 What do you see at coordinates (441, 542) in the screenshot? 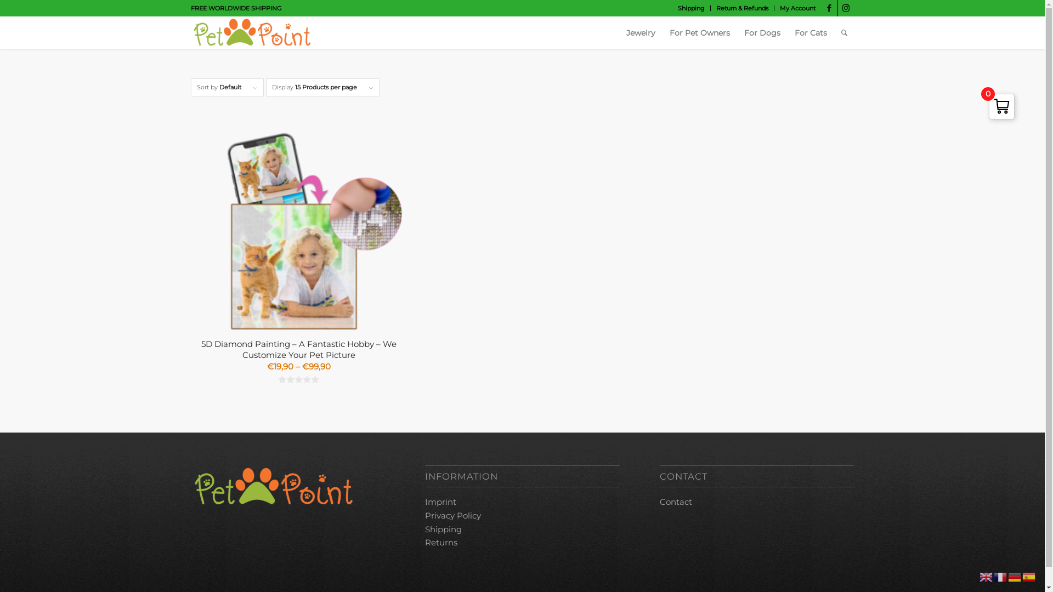
I see `'Returns'` at bounding box center [441, 542].